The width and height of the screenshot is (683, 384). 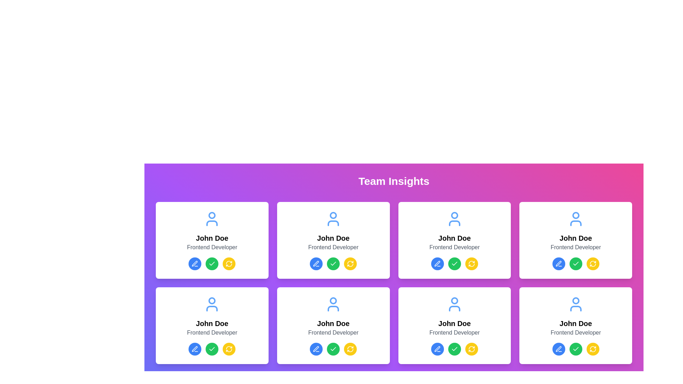 I want to click on the third clickable button located at the bottom-right corner of the bottom-right card in the grid layout, so click(x=593, y=349).